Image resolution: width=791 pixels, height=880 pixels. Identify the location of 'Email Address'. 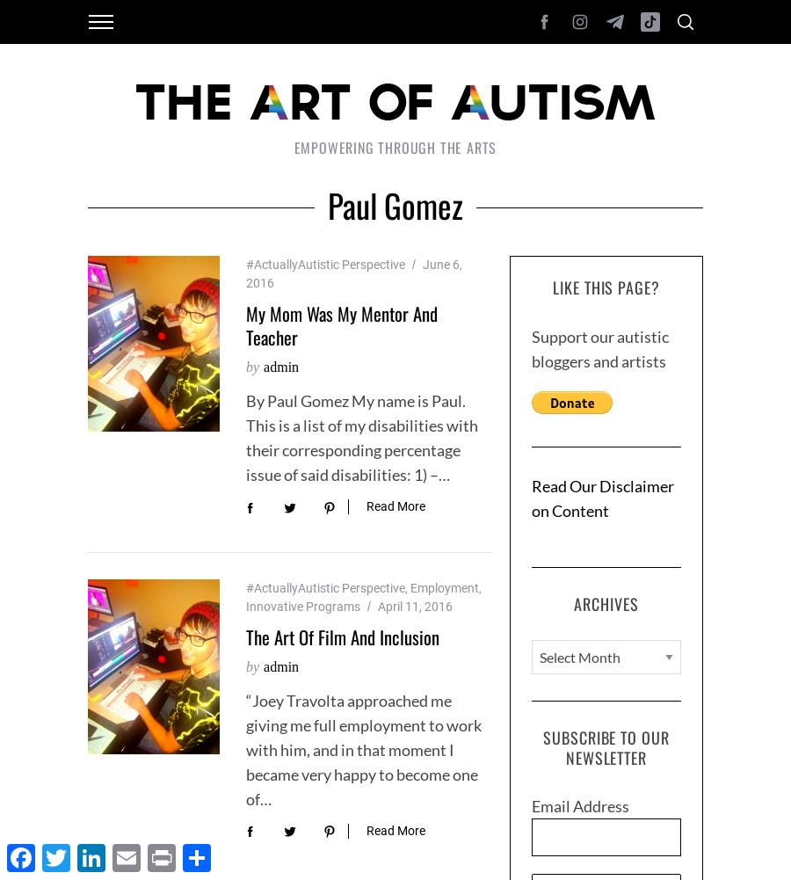
(580, 806).